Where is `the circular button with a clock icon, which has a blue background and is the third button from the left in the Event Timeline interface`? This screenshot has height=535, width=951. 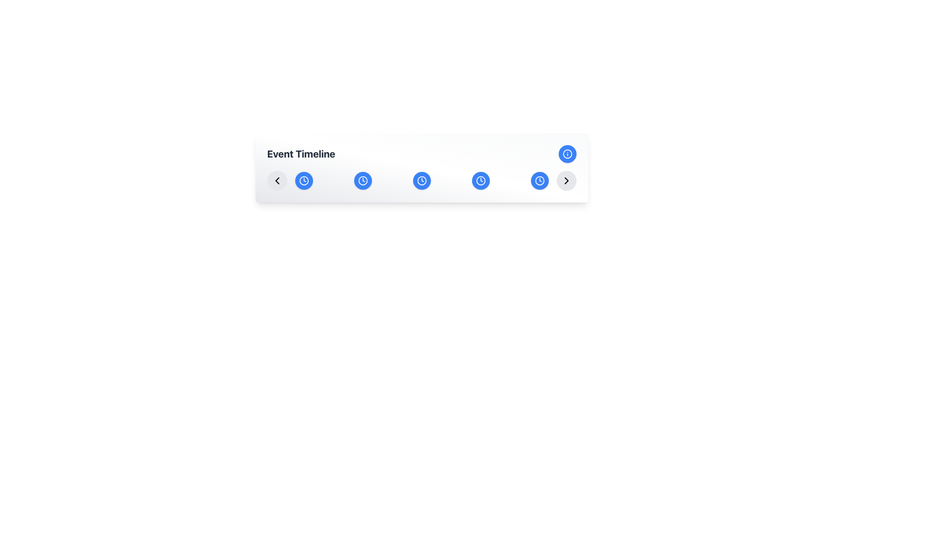
the circular button with a clock icon, which has a blue background and is the third button from the left in the Event Timeline interface is located at coordinates (422, 181).